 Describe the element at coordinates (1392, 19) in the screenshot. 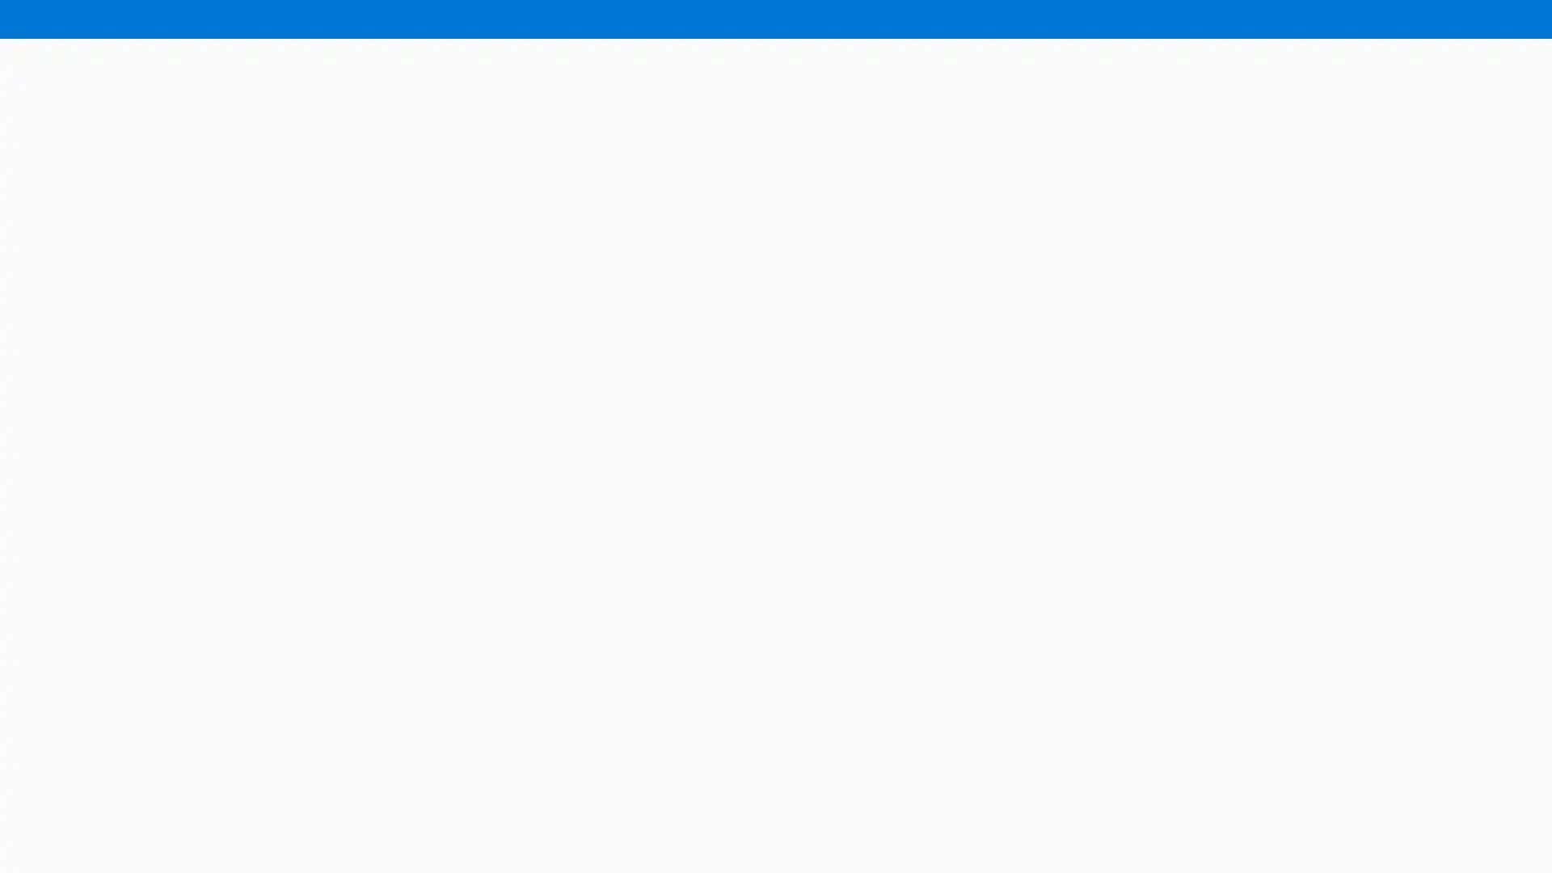

I see `Sign In` at that location.